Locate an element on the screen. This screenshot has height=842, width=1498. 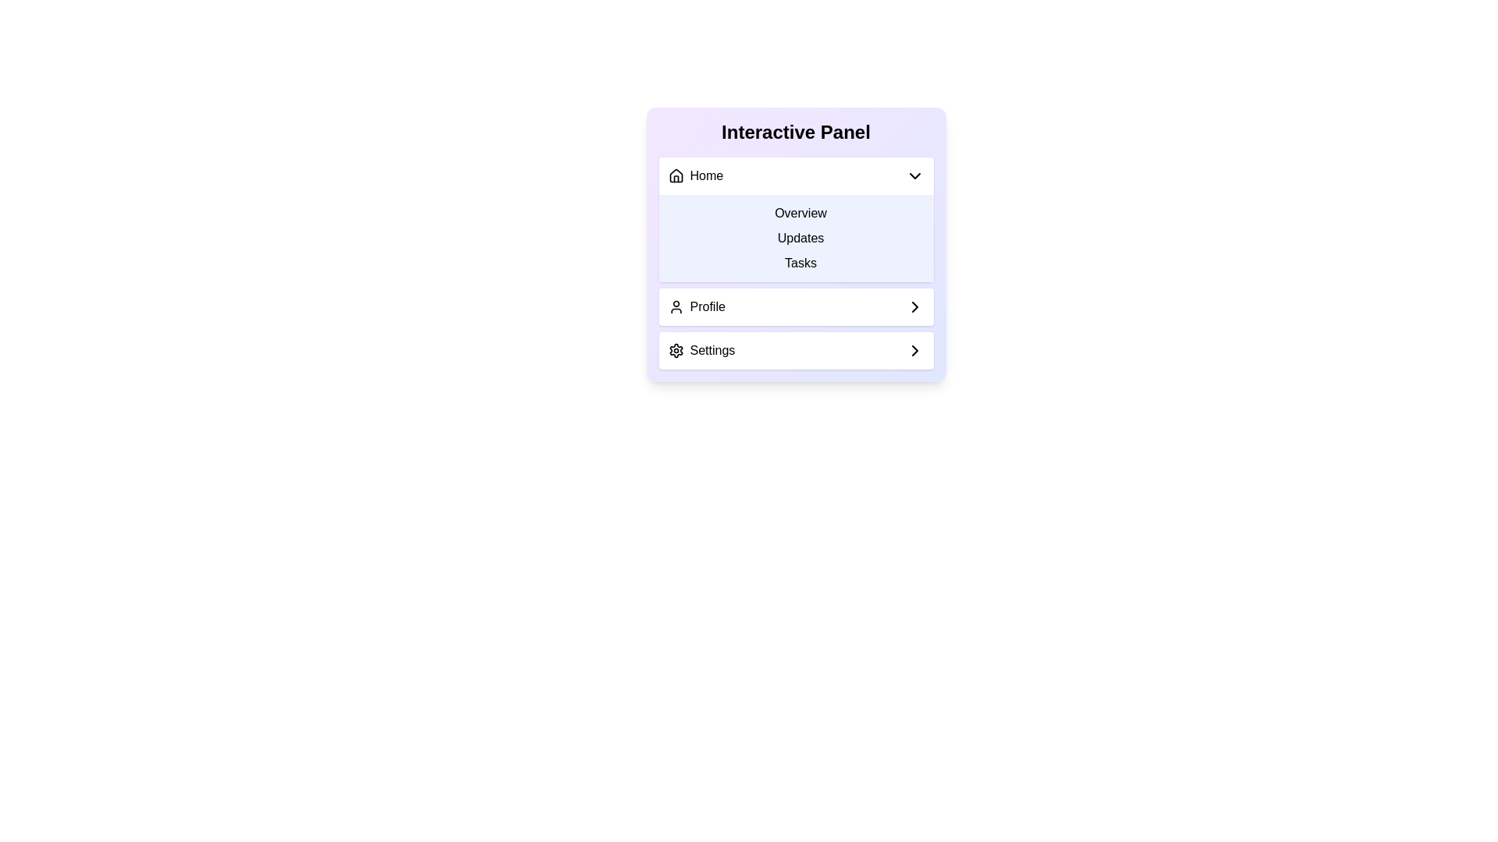
the 'Profile' menu option item, which features a user icon next to the text 'Profile', located in the Interactive Panel between 'Home' and 'Settings' is located at coordinates (696, 306).